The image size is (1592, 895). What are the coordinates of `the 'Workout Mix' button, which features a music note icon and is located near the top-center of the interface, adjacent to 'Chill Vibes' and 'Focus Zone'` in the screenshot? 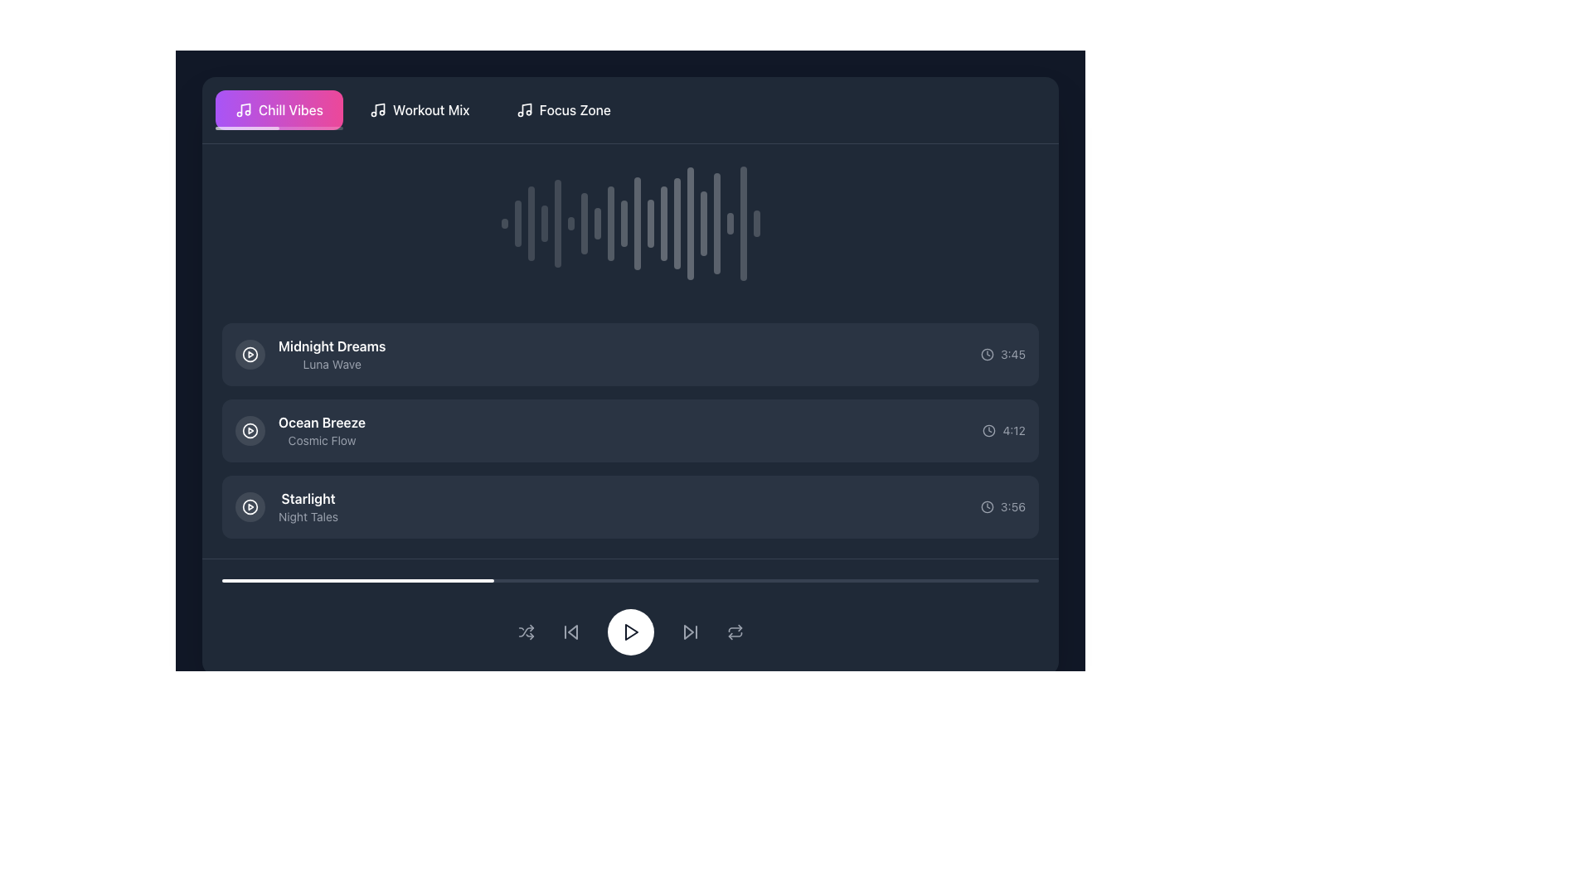 It's located at (420, 109).